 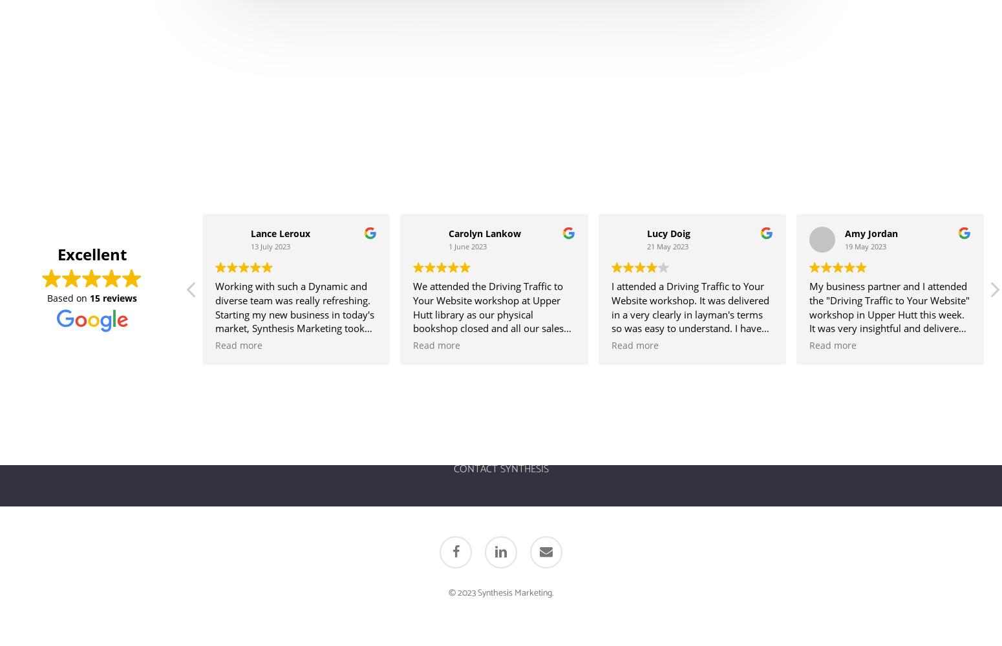 I want to click on '1 June 2023', so click(x=447, y=245).